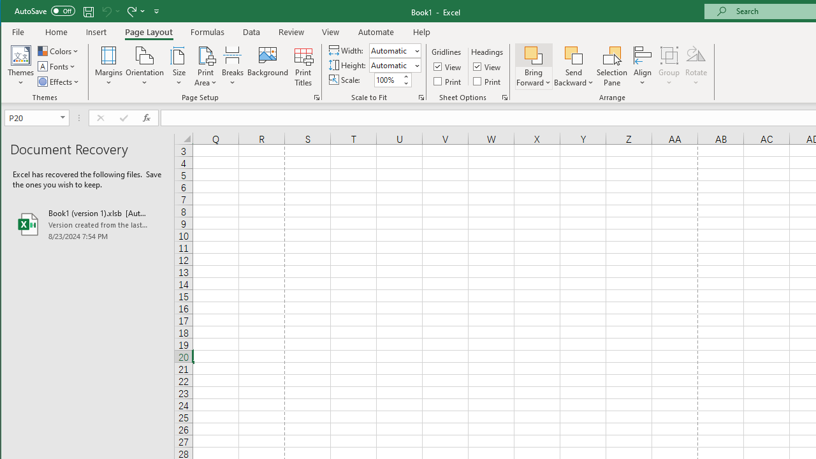 The image size is (816, 459). What do you see at coordinates (233, 66) in the screenshot?
I see `'Breaks'` at bounding box center [233, 66].